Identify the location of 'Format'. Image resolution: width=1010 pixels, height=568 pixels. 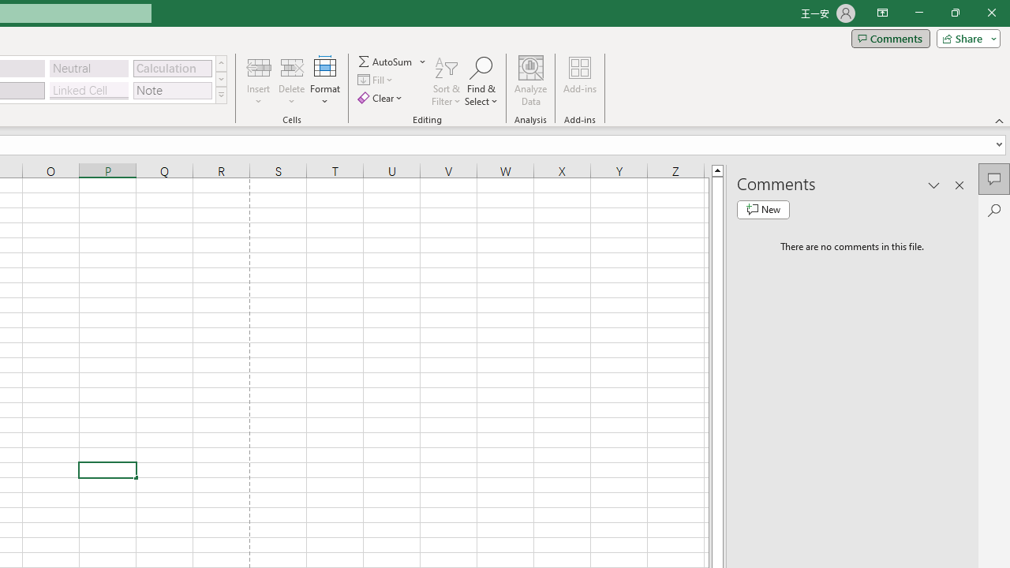
(324, 81).